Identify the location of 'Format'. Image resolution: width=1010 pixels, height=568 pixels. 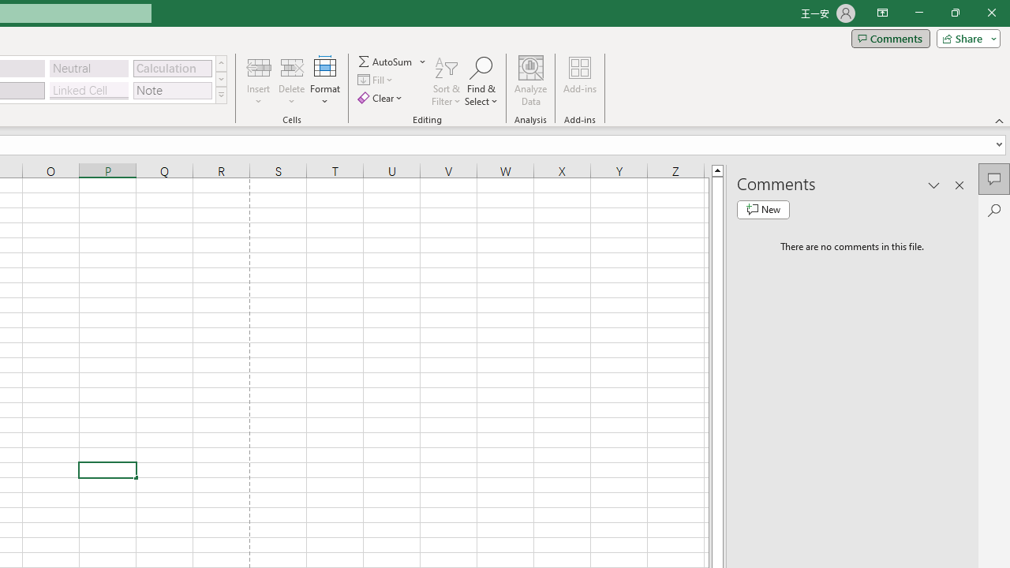
(324, 81).